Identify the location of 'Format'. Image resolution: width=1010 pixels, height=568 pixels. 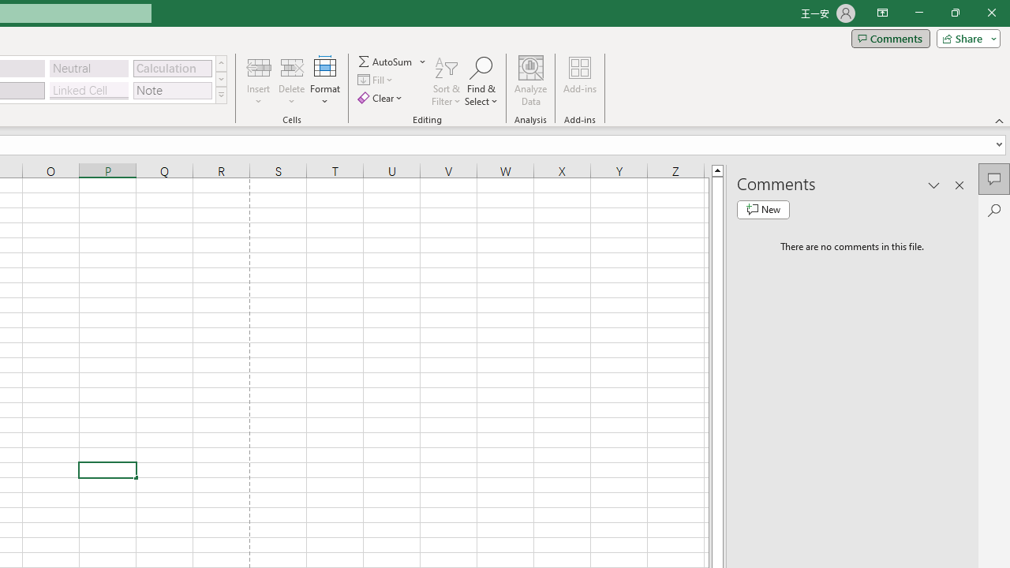
(324, 81).